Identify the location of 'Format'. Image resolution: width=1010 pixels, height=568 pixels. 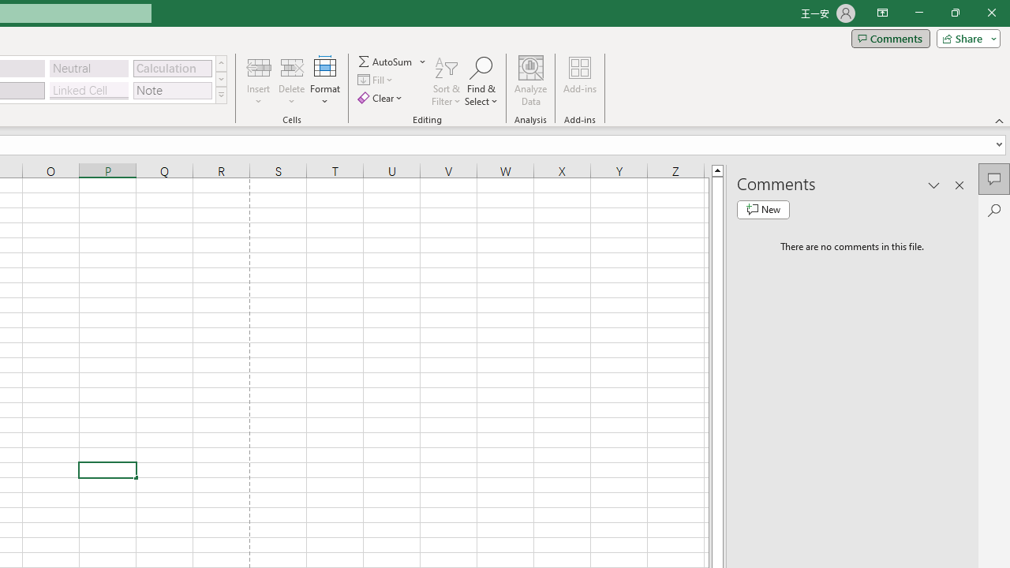
(324, 81).